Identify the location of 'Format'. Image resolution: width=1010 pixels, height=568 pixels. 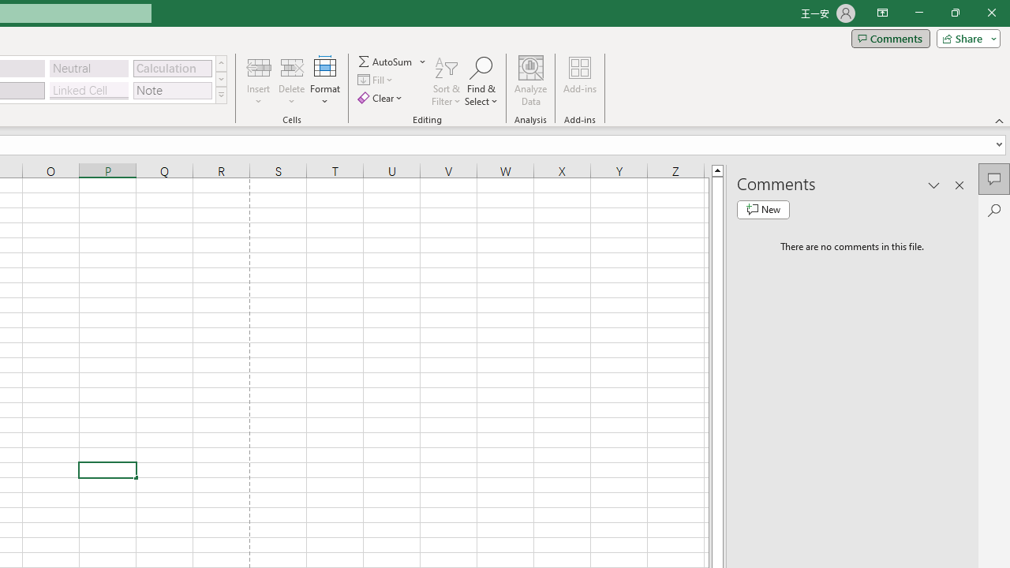
(324, 81).